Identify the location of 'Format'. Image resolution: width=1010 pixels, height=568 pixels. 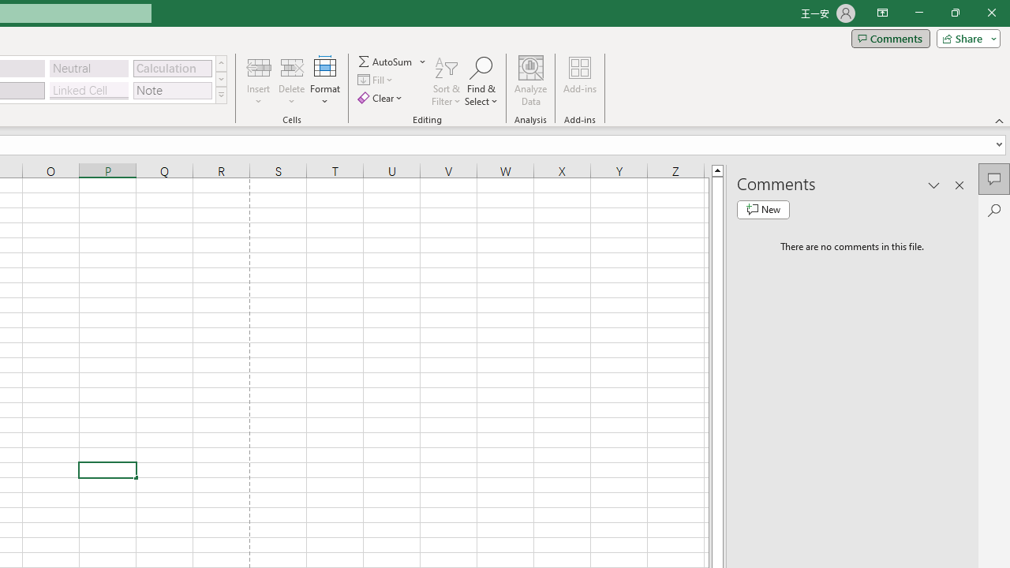
(324, 81).